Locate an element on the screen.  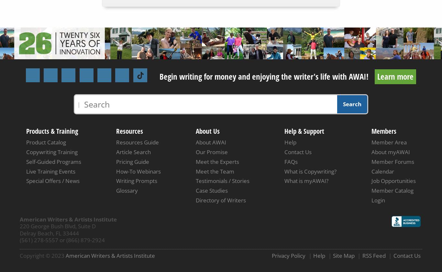
'Site Map' is located at coordinates (343, 255).